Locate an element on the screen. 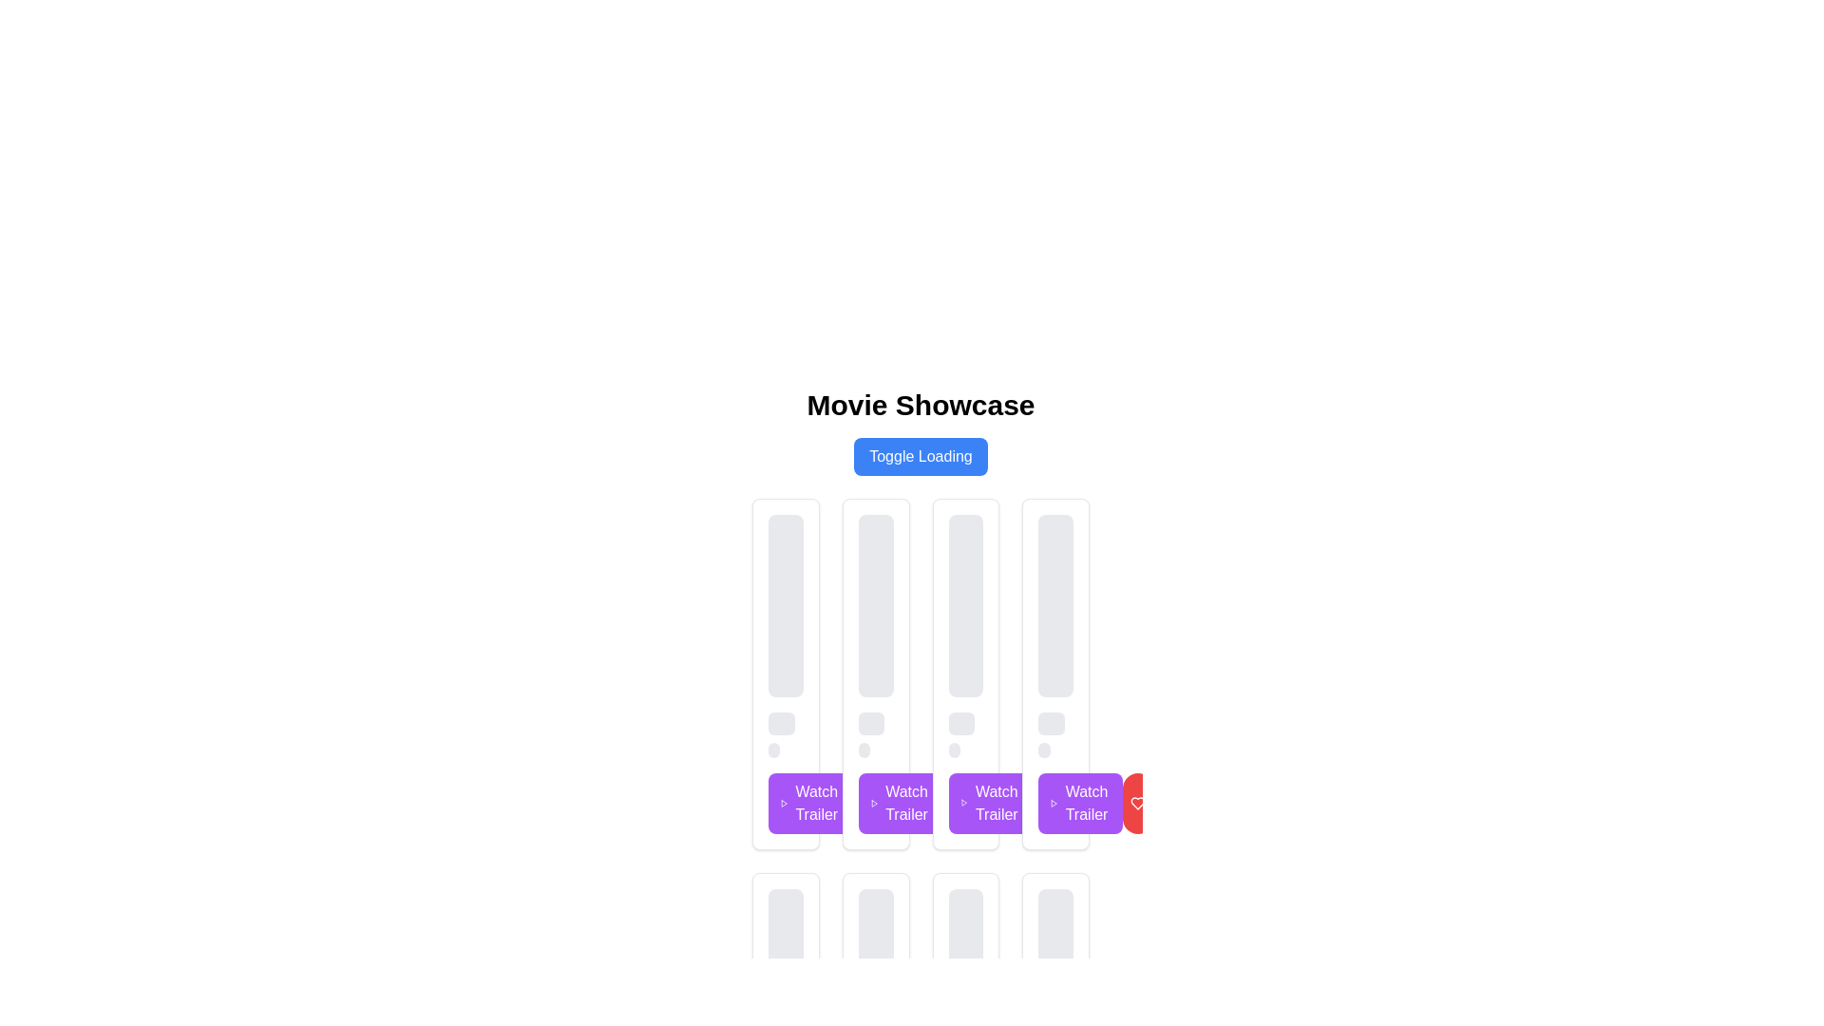  the share icon, which is a small icon resembling interconnected nodes, located at the center of a blue circular button aligned to the right of the 'Watch Trailer' purple button is located at coordinates (1086, 803).